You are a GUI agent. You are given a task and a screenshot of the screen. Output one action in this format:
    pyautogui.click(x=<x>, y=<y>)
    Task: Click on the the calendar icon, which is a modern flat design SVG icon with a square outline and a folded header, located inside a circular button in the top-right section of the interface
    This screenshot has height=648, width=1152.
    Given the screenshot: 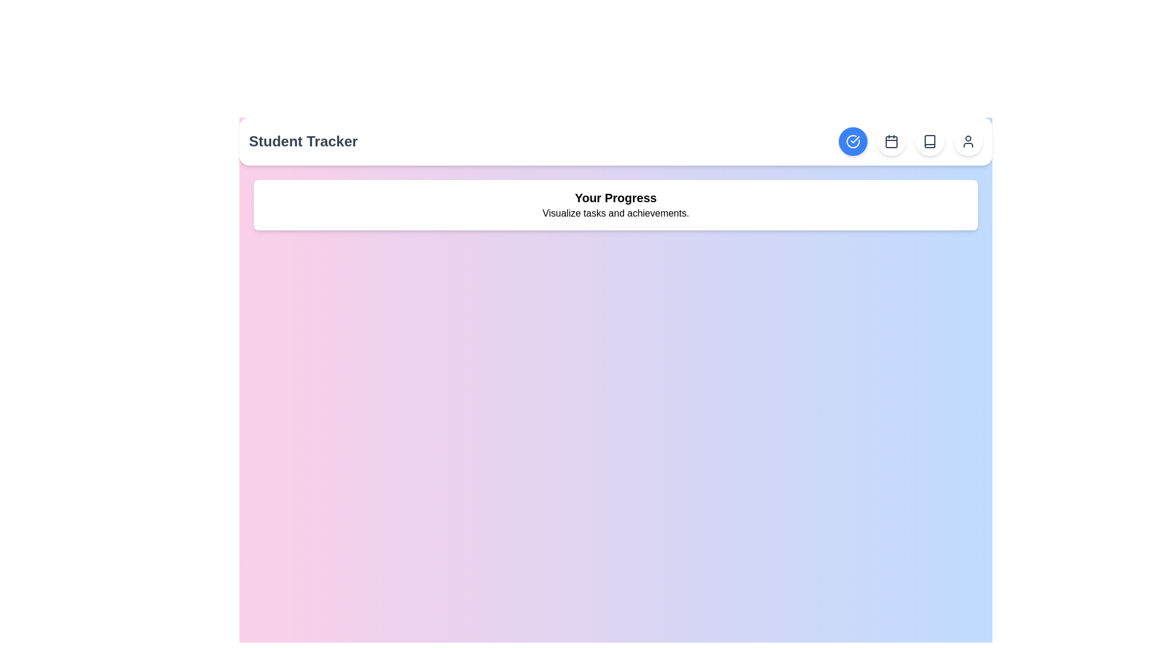 What is the action you would take?
    pyautogui.click(x=892, y=140)
    